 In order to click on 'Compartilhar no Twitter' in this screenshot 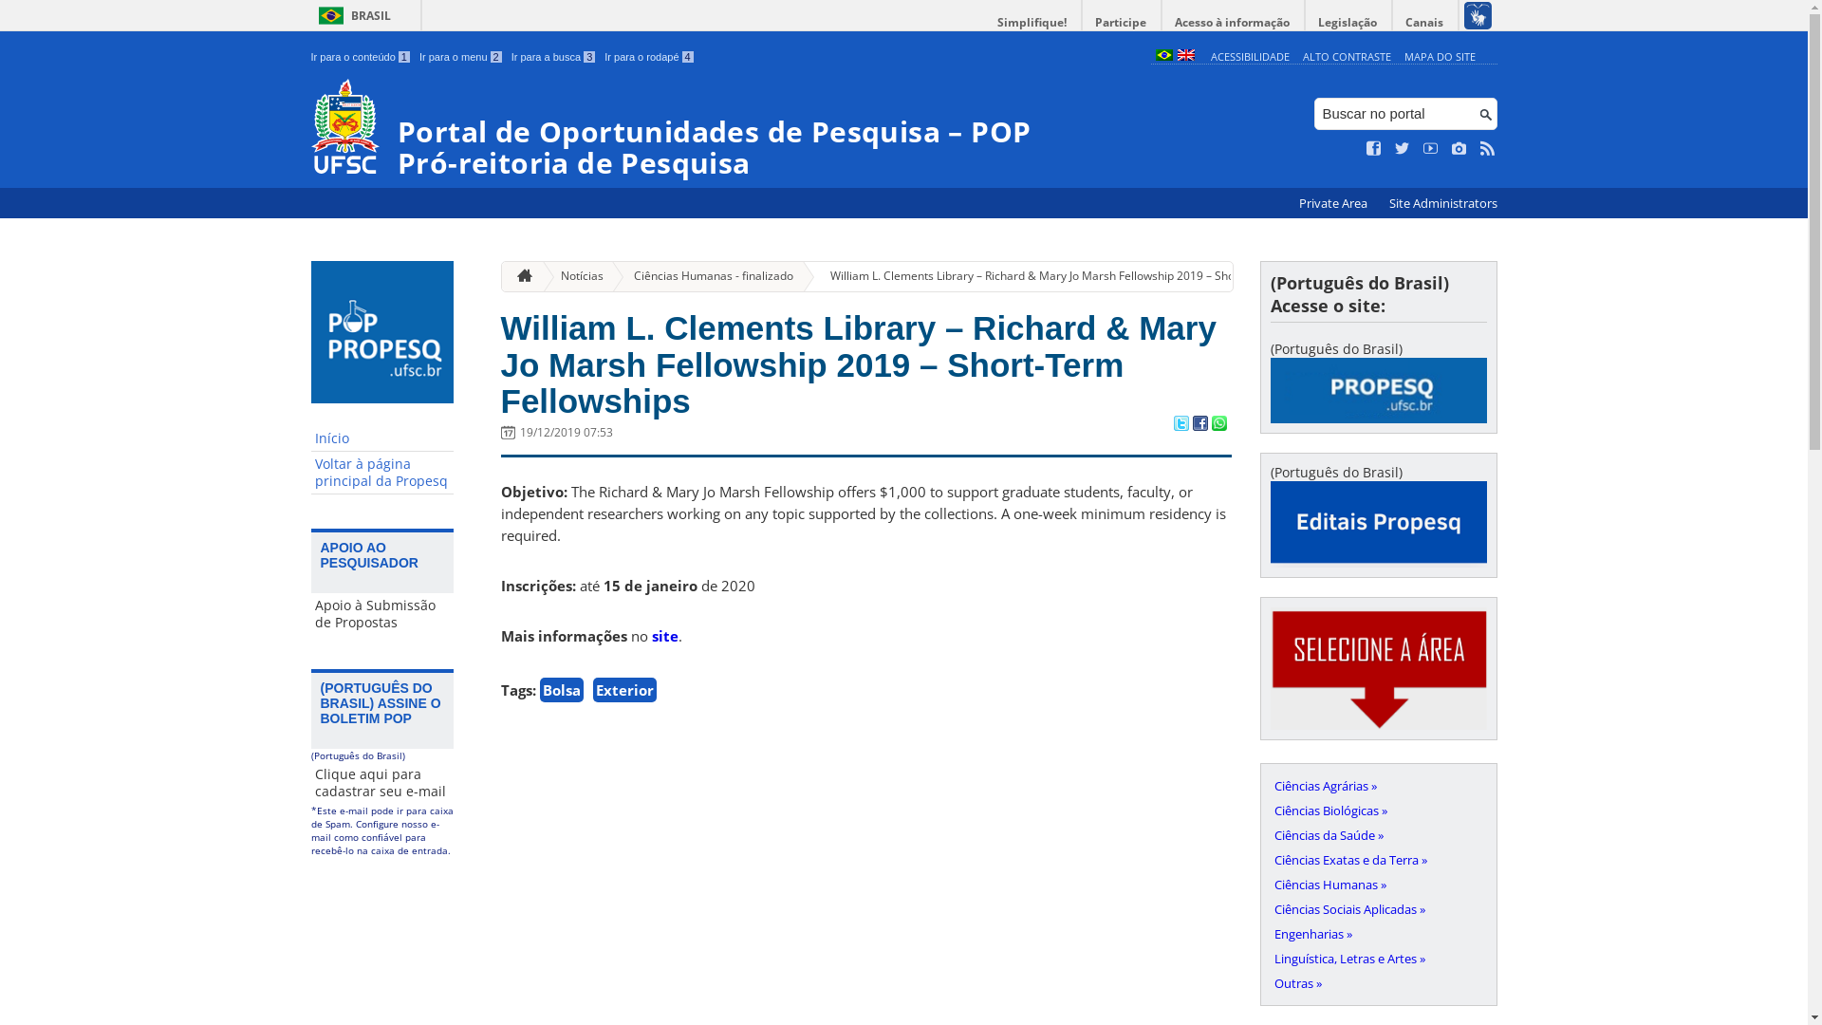, I will do `click(1179, 423)`.